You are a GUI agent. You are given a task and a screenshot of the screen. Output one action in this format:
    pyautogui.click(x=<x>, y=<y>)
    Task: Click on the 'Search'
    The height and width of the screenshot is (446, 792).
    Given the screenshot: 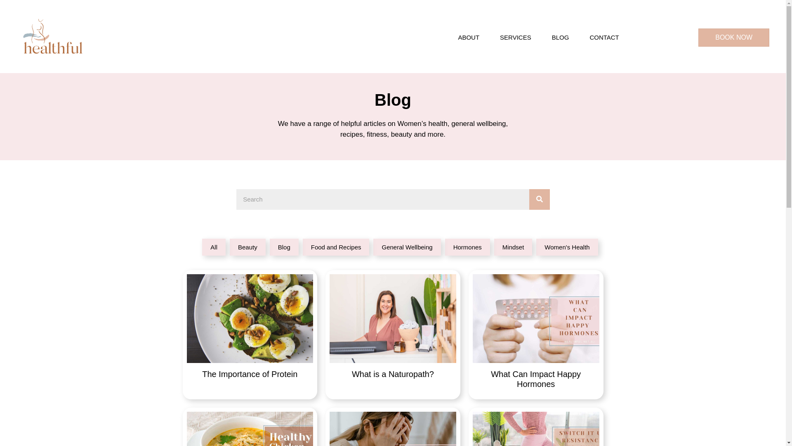 What is the action you would take?
    pyautogui.click(x=382, y=199)
    